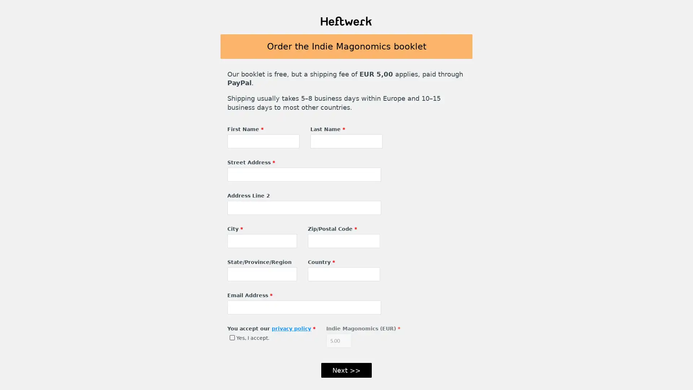 The width and height of the screenshot is (693, 390). Describe the element at coordinates (346, 370) in the screenshot. I see `Next >>` at that location.